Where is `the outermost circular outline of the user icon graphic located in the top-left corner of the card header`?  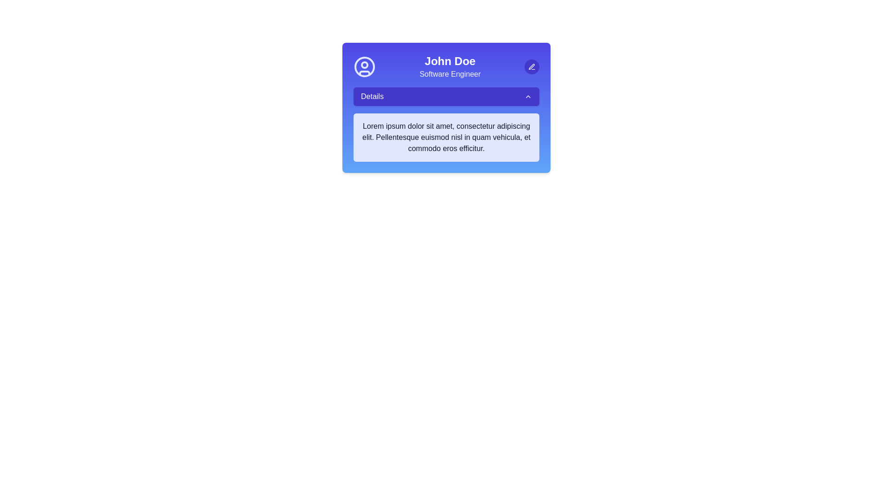 the outermost circular outline of the user icon graphic located in the top-left corner of the card header is located at coordinates (364, 66).